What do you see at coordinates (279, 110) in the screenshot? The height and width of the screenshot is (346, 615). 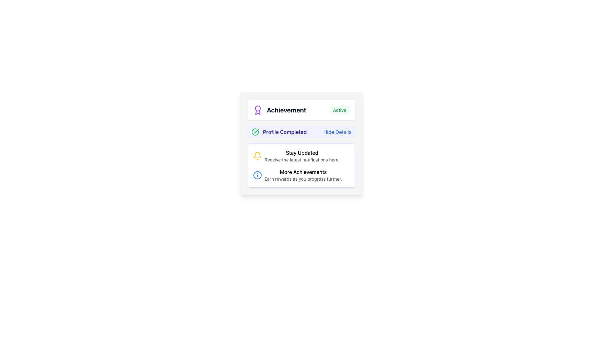 I see `label 'Achievement' which is displayed in bold with a circular ribbon icon, located on the top-left corner of a white rectangular card` at bounding box center [279, 110].